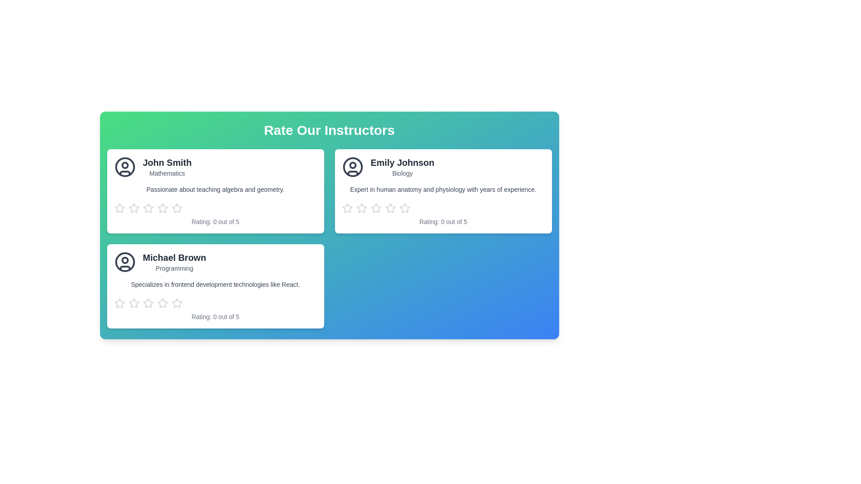  Describe the element at coordinates (361, 208) in the screenshot. I see `the third star icon from the left in the rating section of the card labeled 'Emily Johnson' to rate her with 3 stars` at that location.